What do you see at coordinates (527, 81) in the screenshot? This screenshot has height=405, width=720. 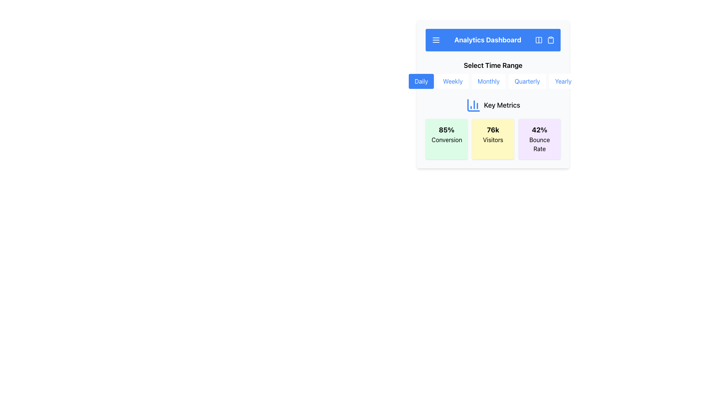 I see `the 'Quarterly' button located in the button group for time range selection to trigger hover effects` at bounding box center [527, 81].